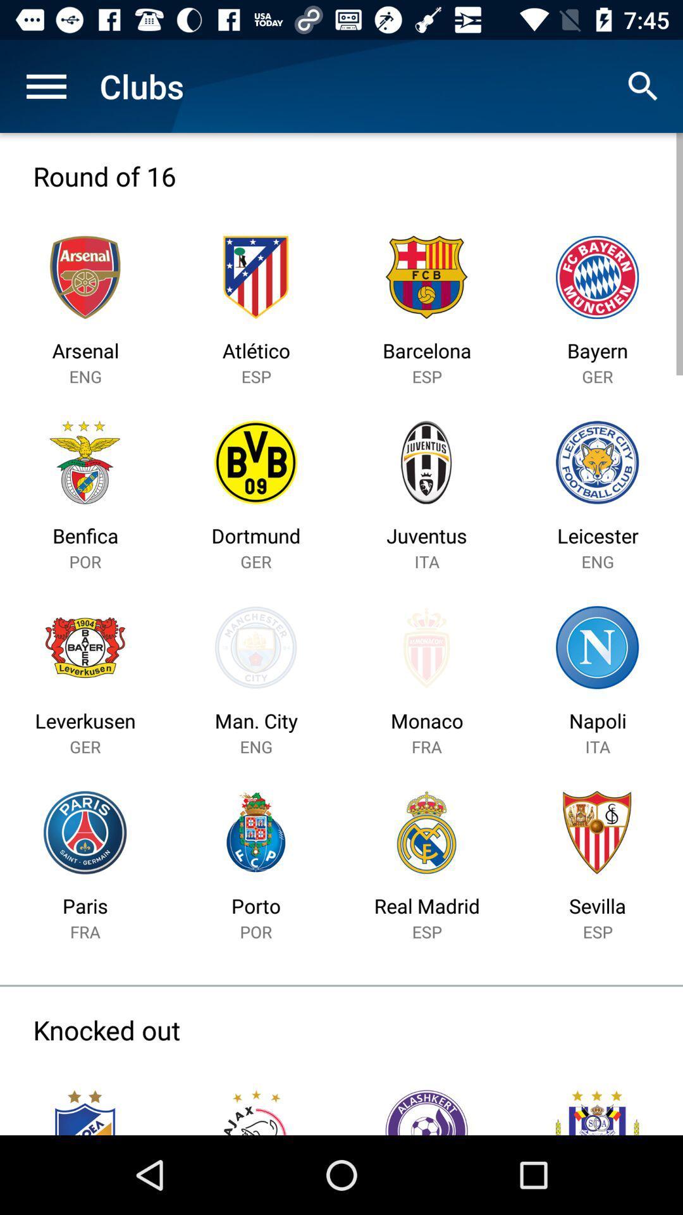 The width and height of the screenshot is (683, 1215). What do you see at coordinates (46, 85) in the screenshot?
I see `the item above round of 16 icon` at bounding box center [46, 85].